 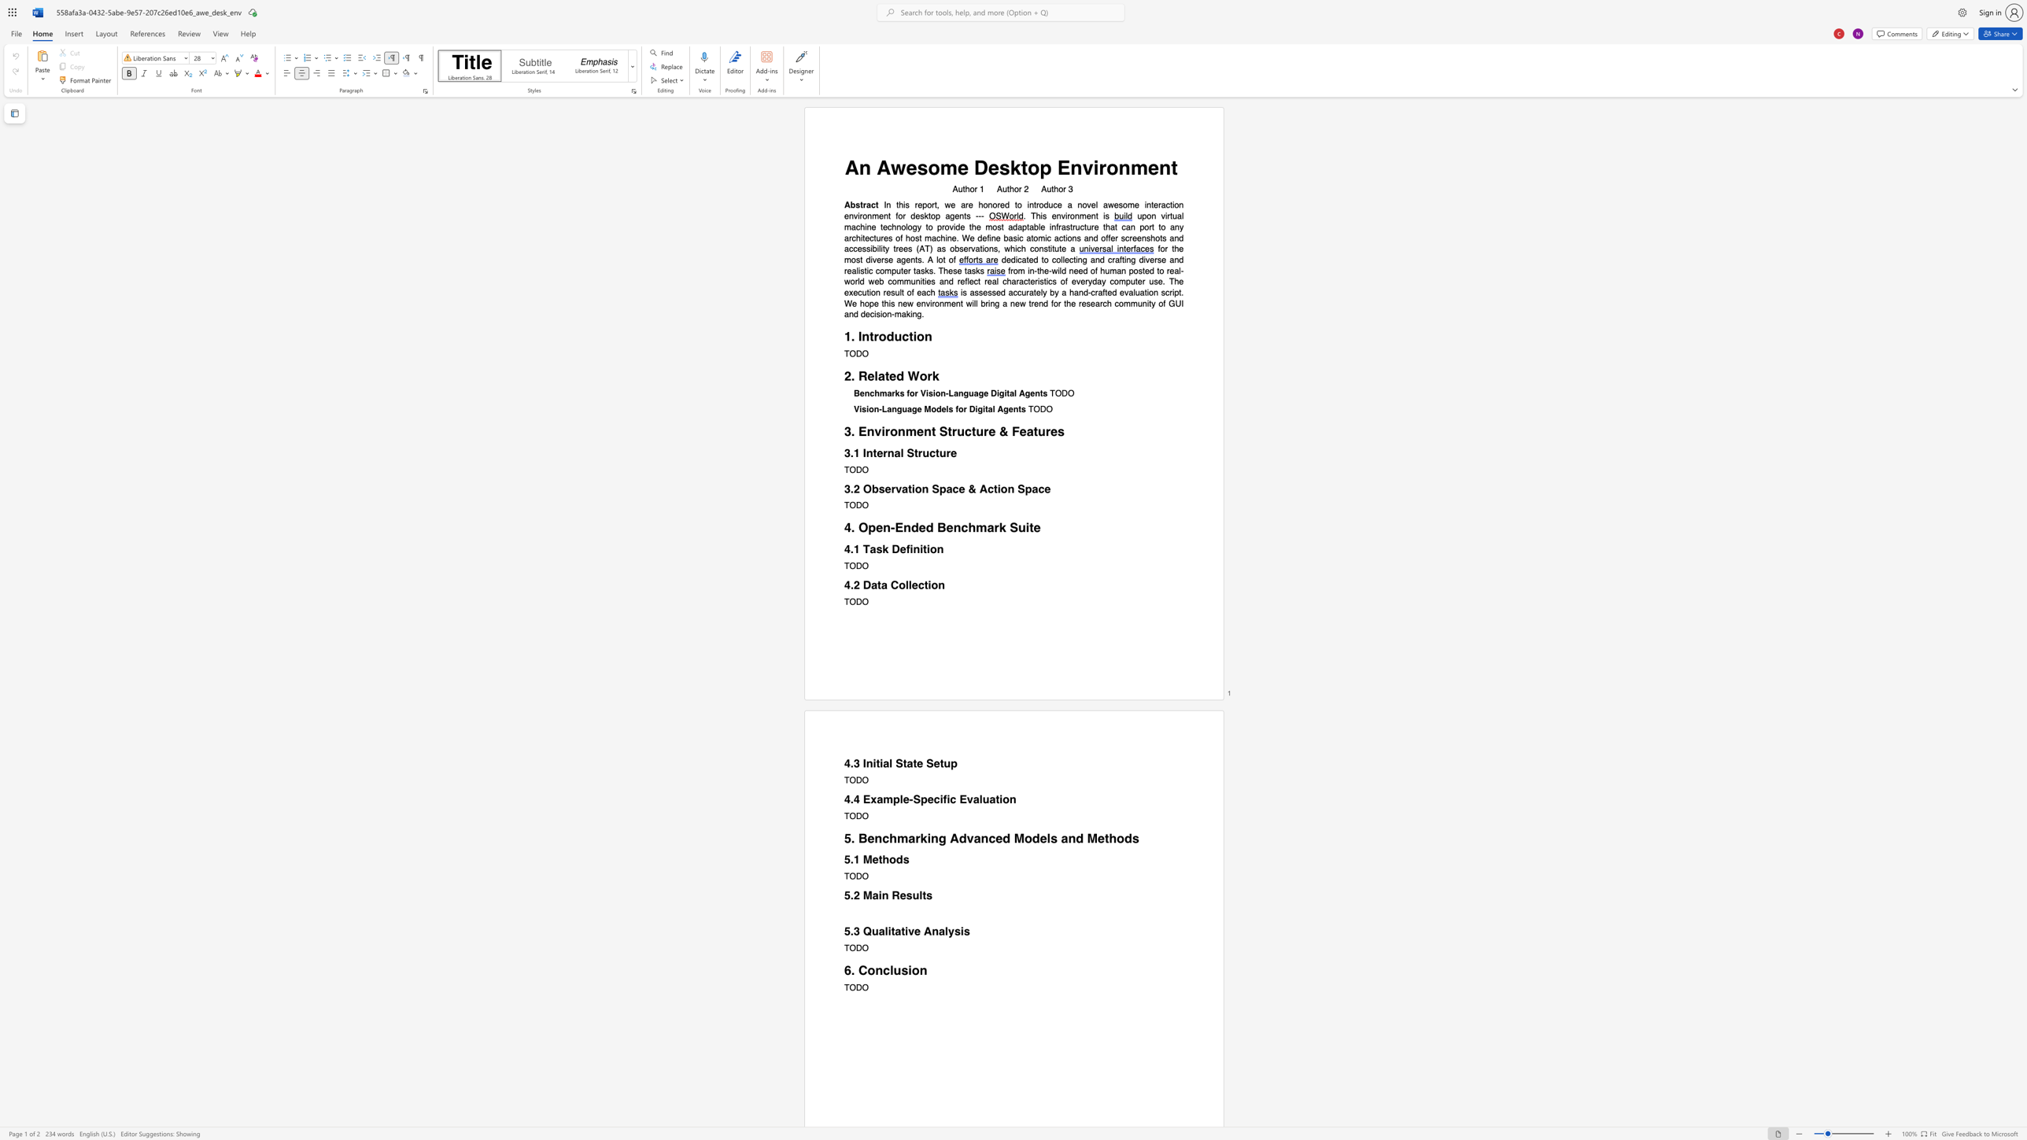 I want to click on the subset text "nt" within the text "new environment", so click(x=955, y=304).